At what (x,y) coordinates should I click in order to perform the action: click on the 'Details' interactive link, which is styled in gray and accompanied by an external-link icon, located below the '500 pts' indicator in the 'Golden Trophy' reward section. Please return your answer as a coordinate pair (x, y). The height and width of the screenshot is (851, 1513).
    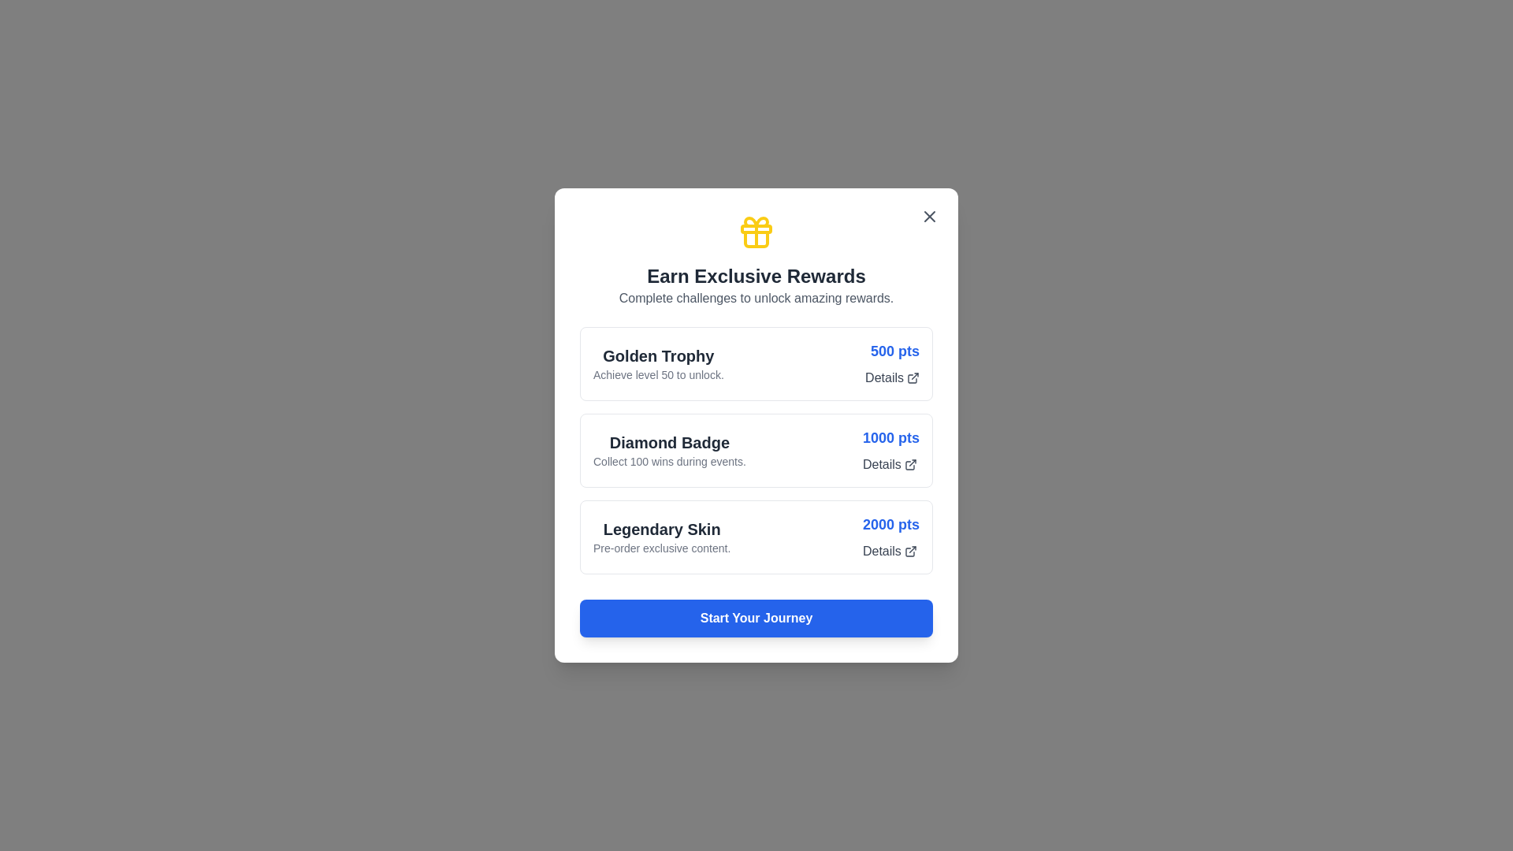
    Looking at the image, I should click on (892, 377).